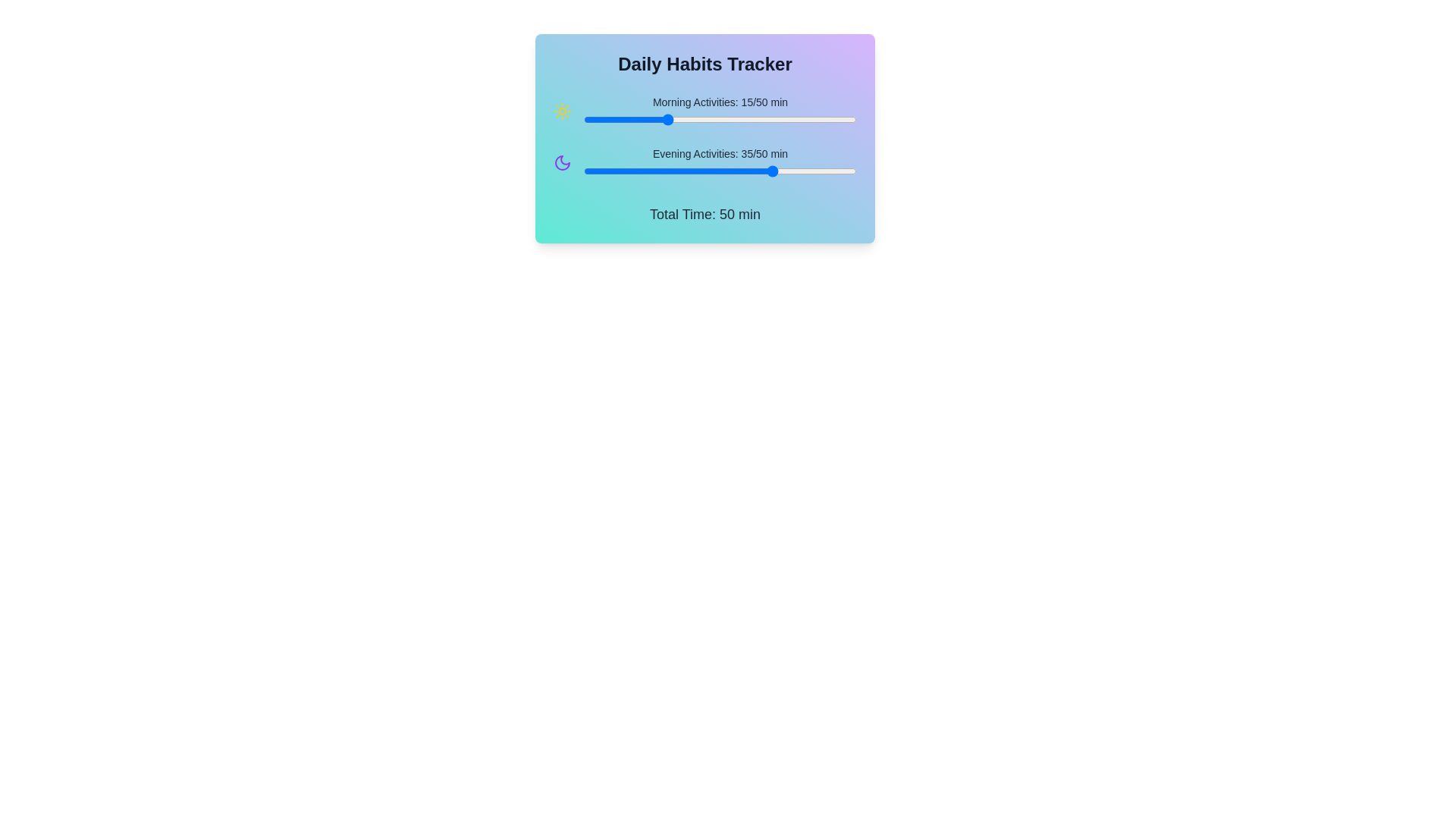 This screenshot has height=819, width=1456. Describe the element at coordinates (681, 119) in the screenshot. I see `the morning activities slider` at that location.